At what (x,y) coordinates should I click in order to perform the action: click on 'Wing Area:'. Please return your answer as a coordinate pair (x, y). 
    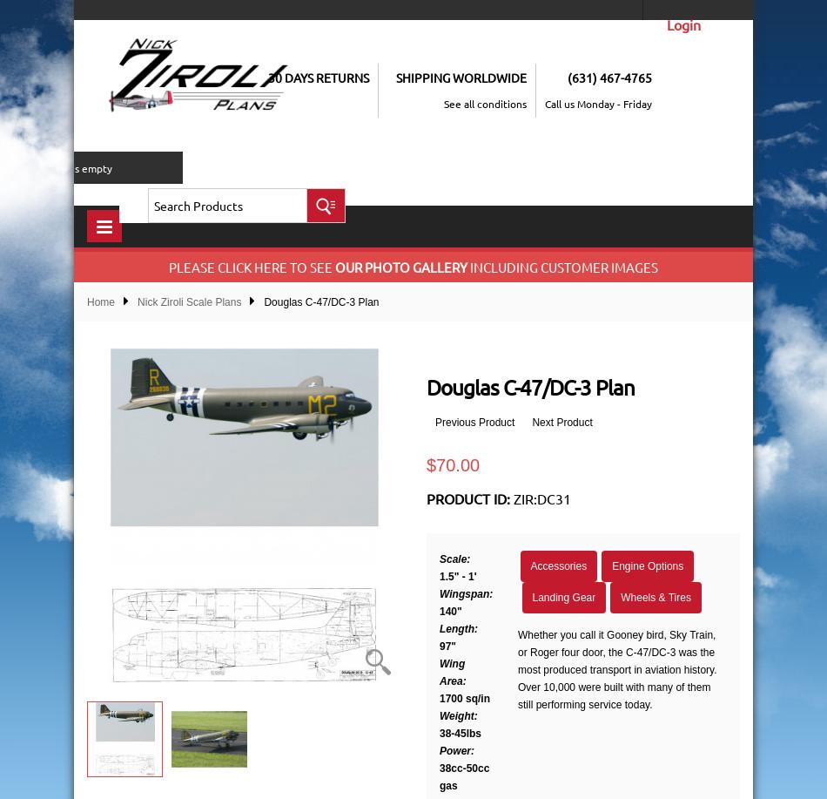
    Looking at the image, I should click on (453, 672).